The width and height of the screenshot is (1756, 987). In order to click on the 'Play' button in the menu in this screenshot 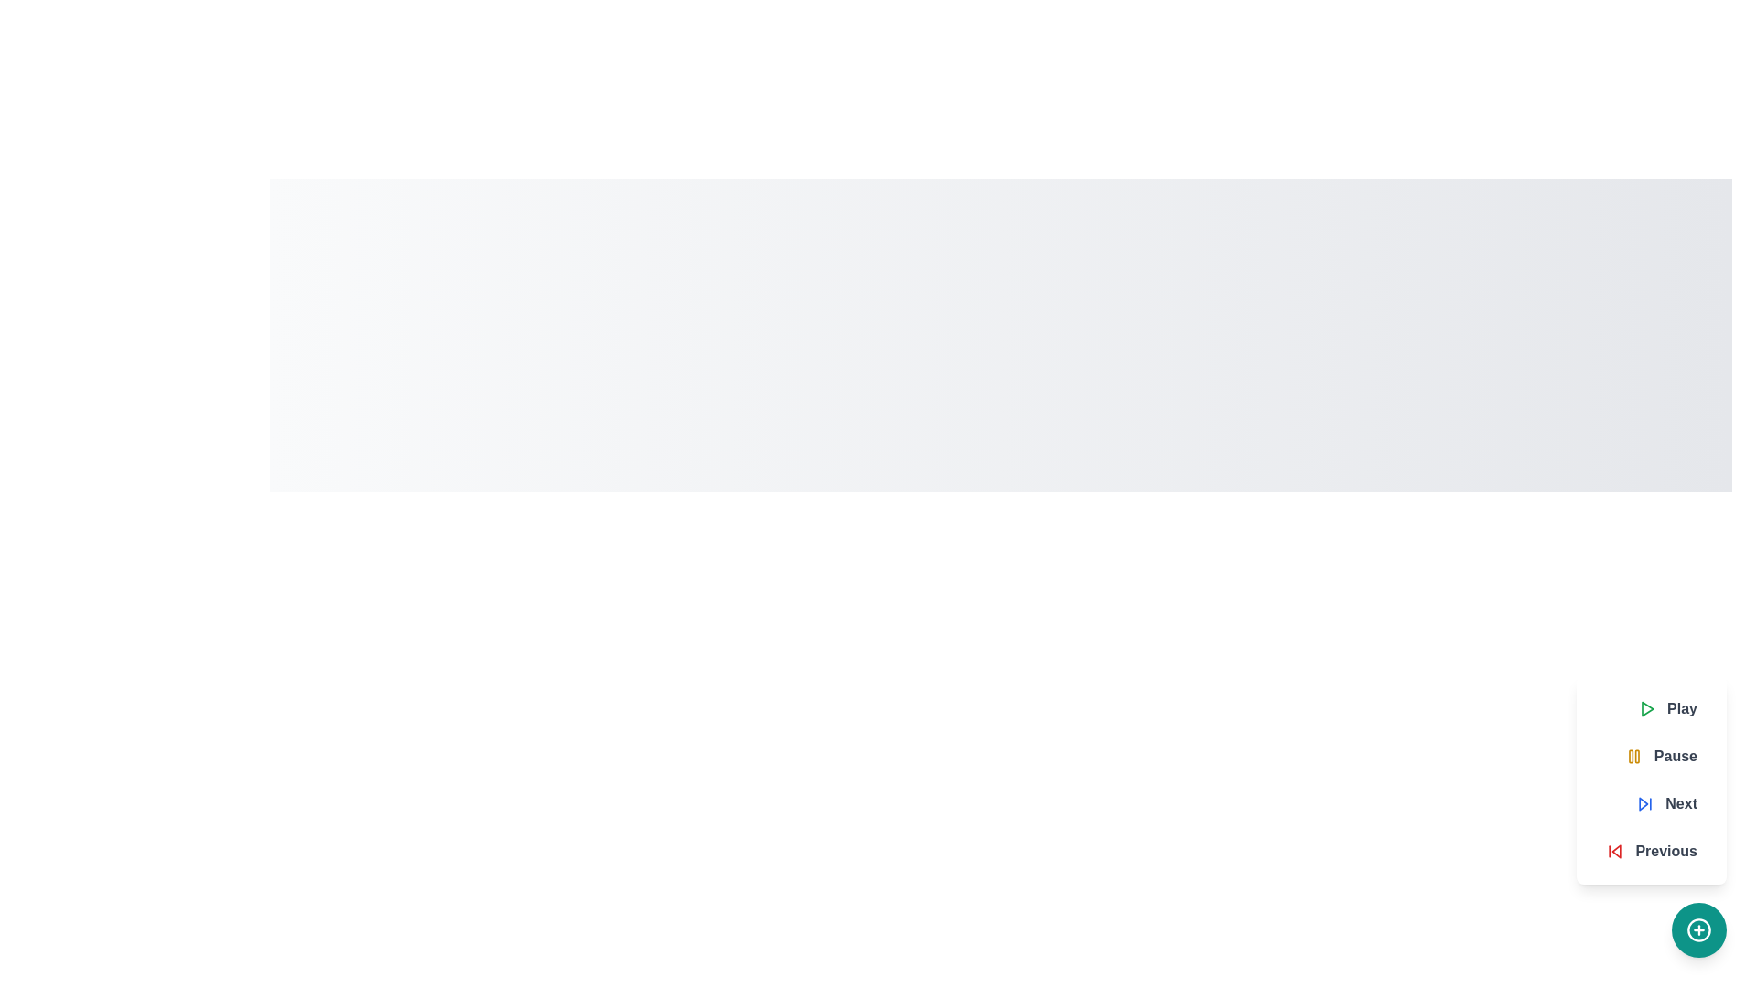, I will do `click(1667, 707)`.